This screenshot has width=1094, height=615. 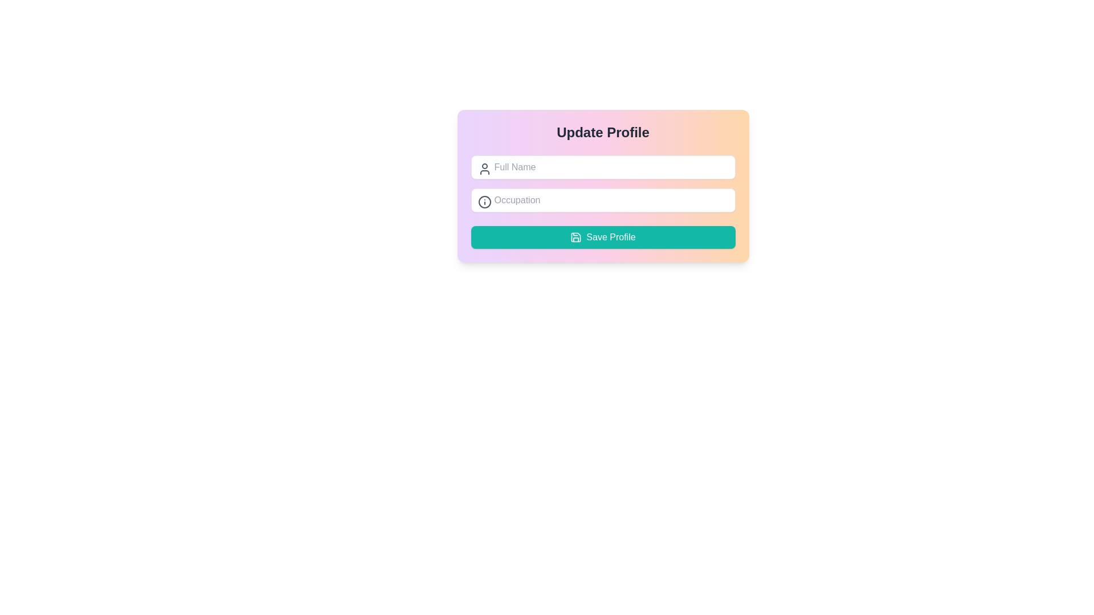 I want to click on the centered text label reading 'Update Profile' which features a bold font style and large size on a gradient background, so click(x=602, y=132).